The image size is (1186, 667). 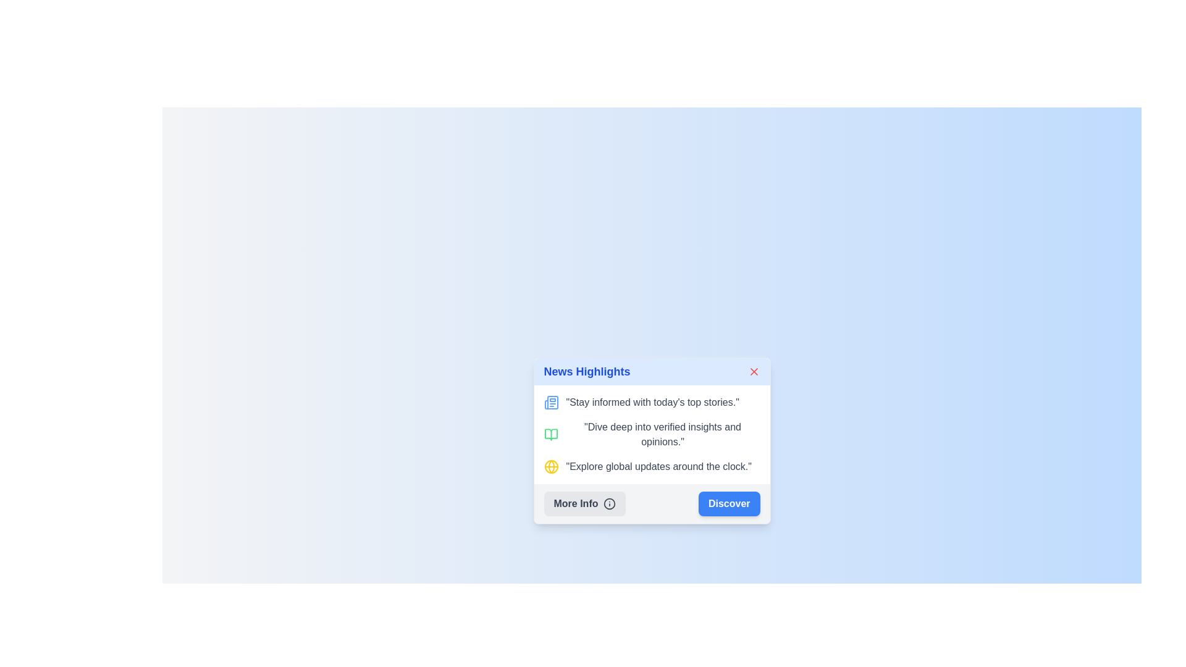 What do you see at coordinates (729, 504) in the screenshot?
I see `the 'Discover' button located in the gray footer section of the 'News Highlights' pop-up` at bounding box center [729, 504].